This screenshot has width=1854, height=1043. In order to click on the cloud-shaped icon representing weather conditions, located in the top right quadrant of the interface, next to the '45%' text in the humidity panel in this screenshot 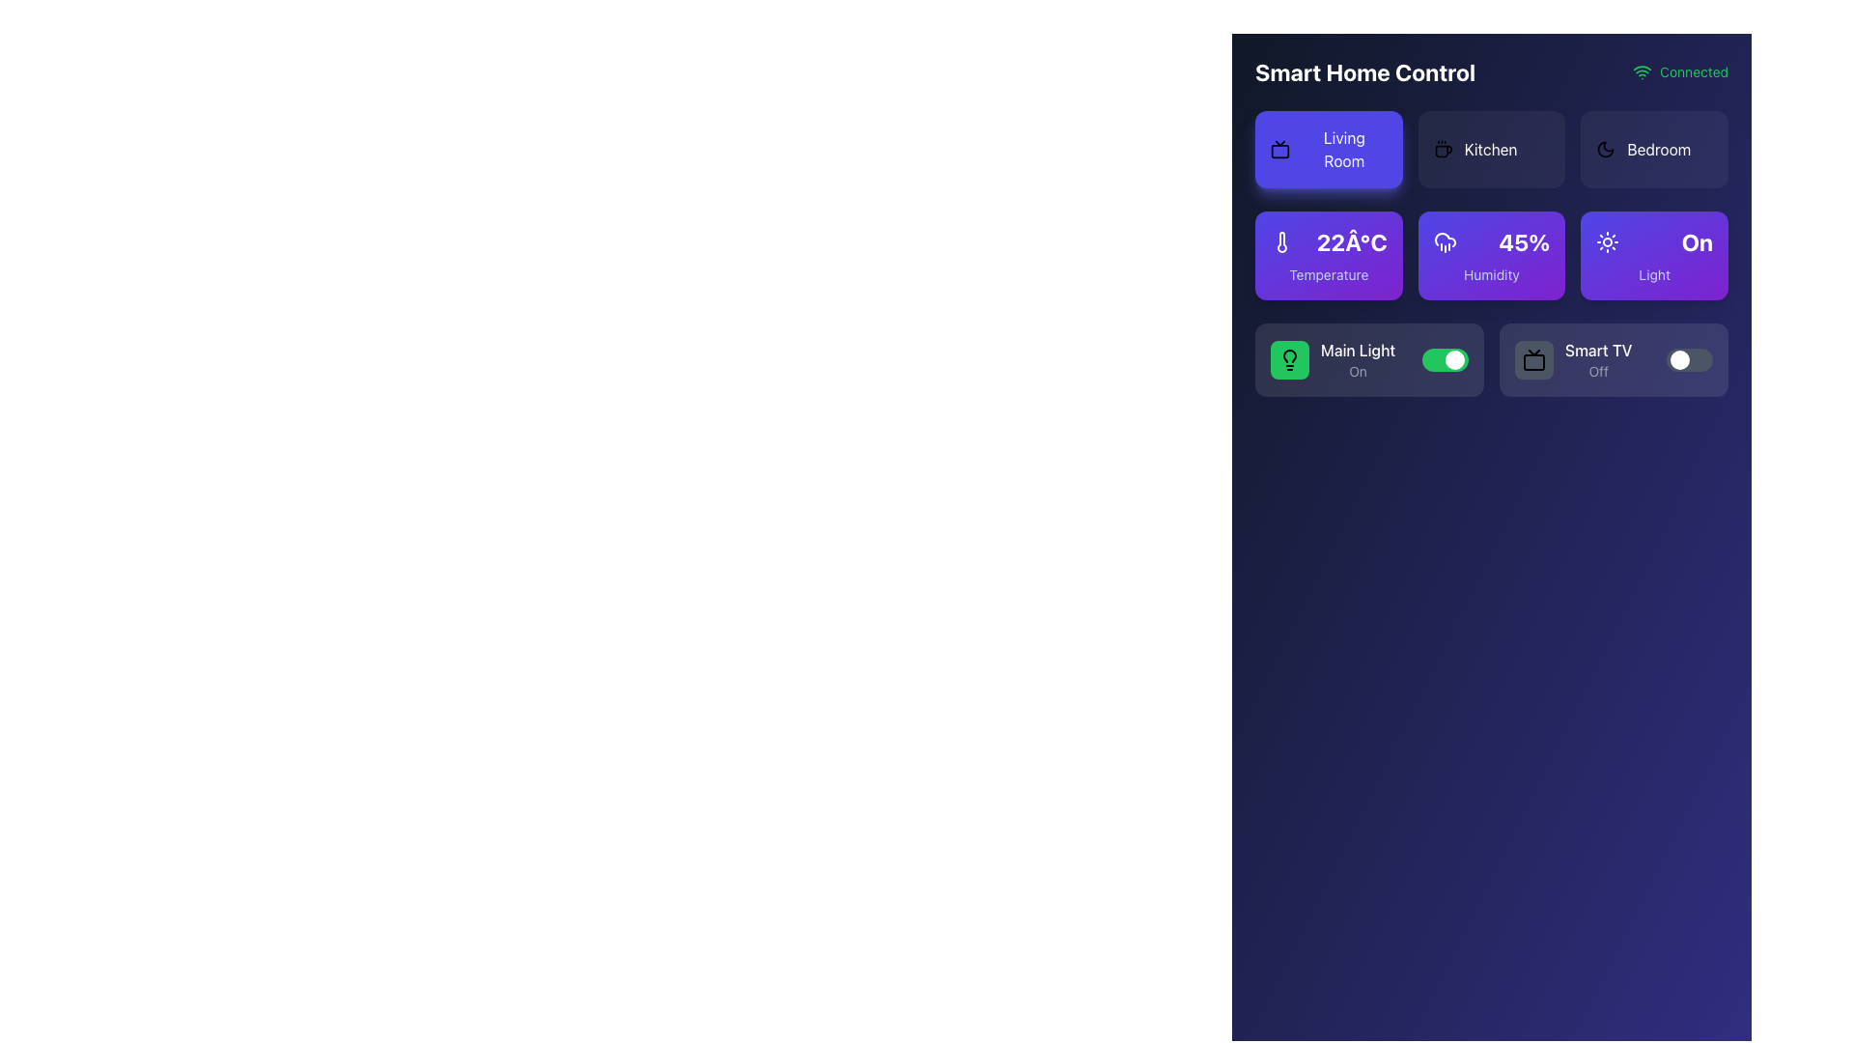, I will do `click(1445, 239)`.